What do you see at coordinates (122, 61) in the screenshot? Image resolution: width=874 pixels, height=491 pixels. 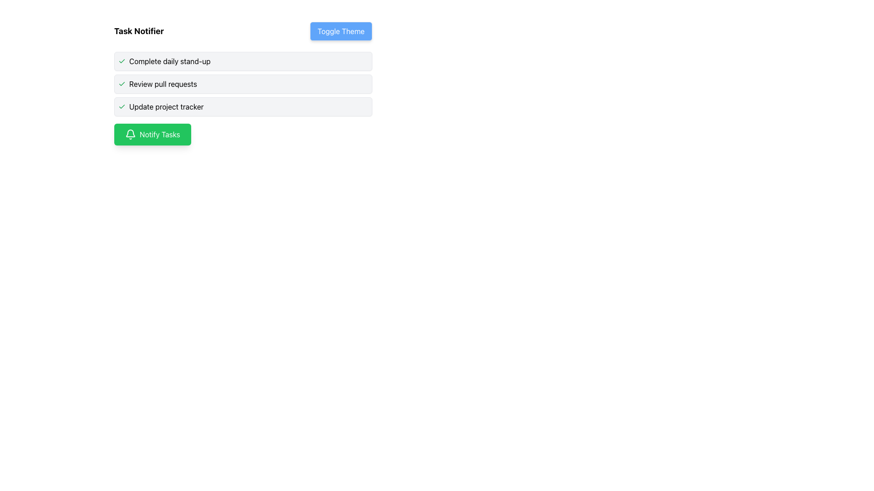 I see `the state of the completion indicator icon next to the text 'Complete daily stand-up' in the task list` at bounding box center [122, 61].